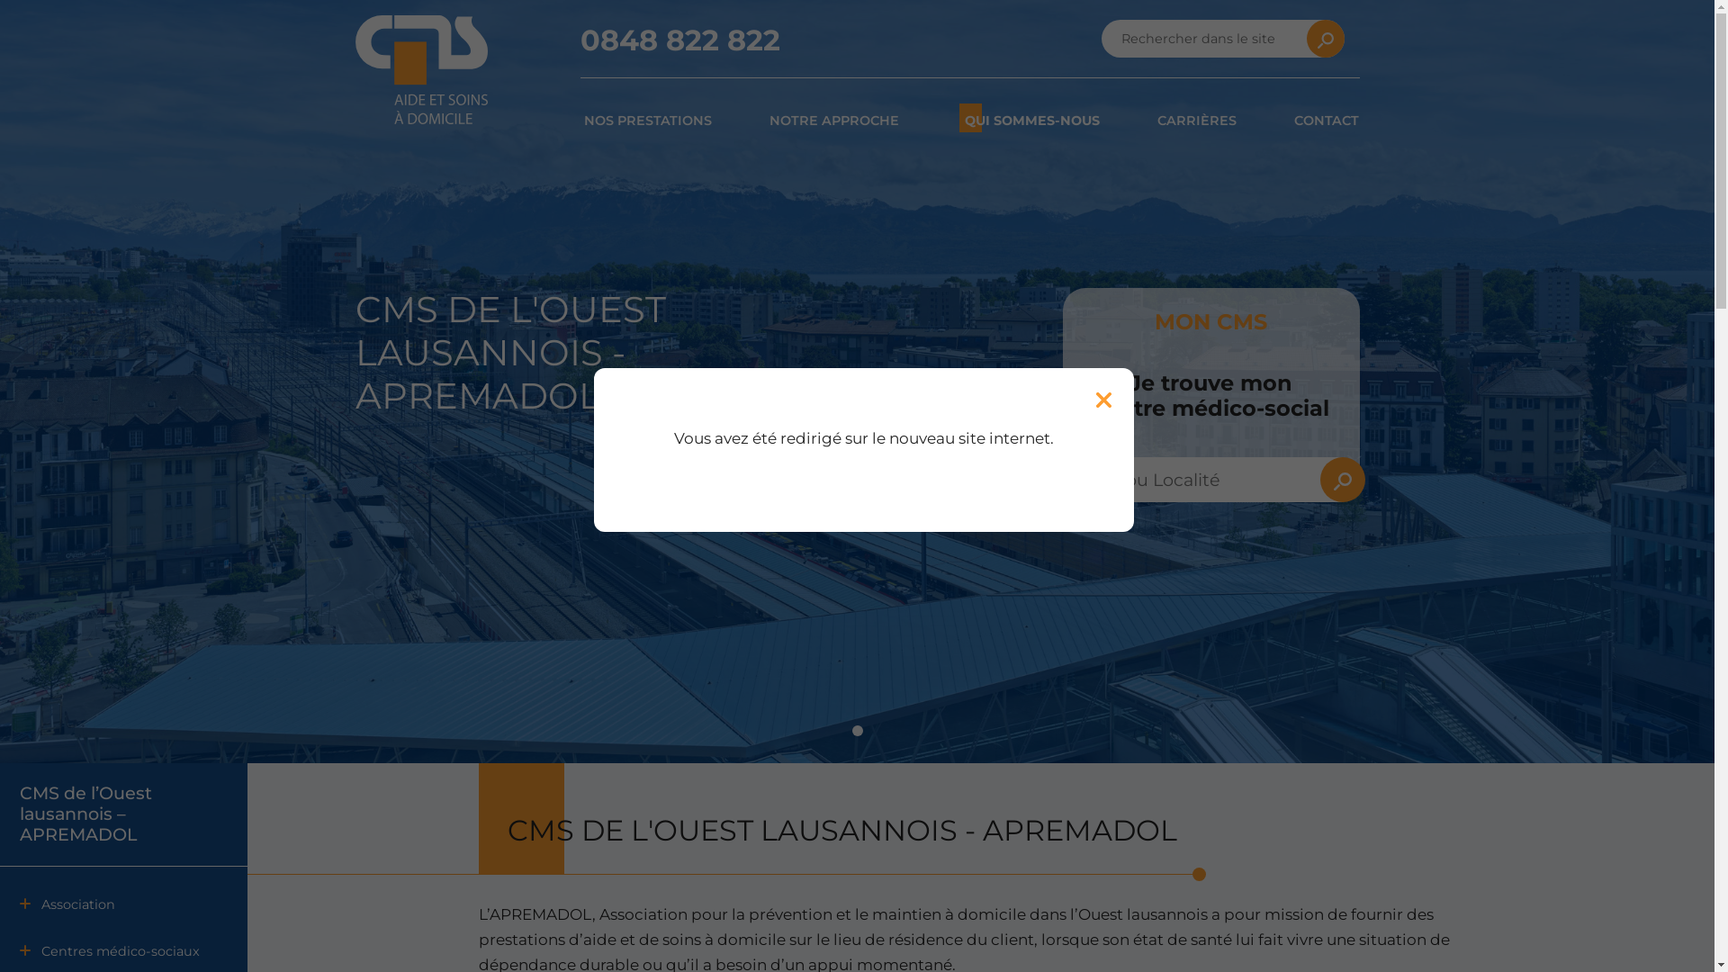  I want to click on 'CONTACT', so click(1326, 121).